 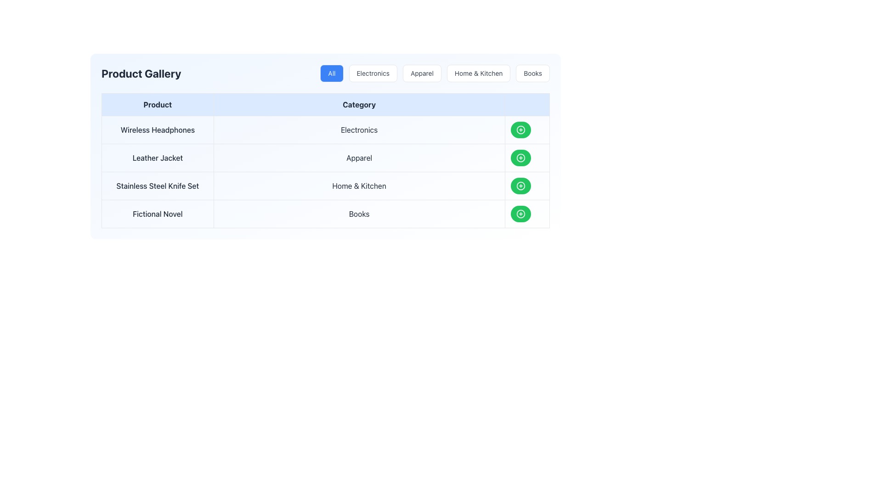 What do you see at coordinates (326, 157) in the screenshot?
I see `the row entry in the categorized table that displays 'Leather Jacket' on the left and 'Apparel' on the right, which is the second row in the table` at bounding box center [326, 157].